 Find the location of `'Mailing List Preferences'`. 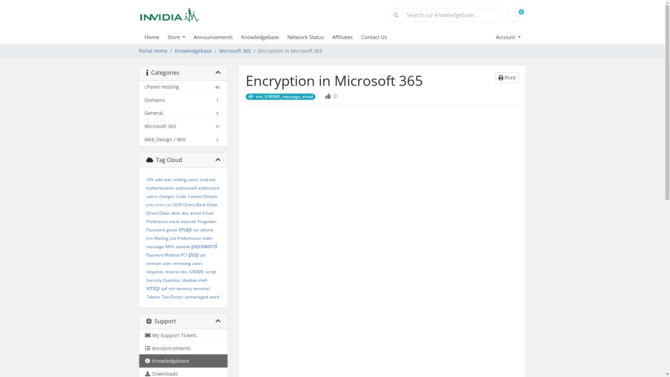

'Mailing List Preferences' is located at coordinates (177, 238).